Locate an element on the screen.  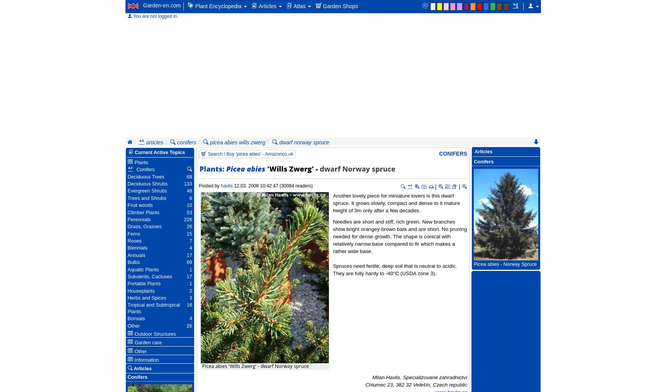
'10' is located at coordinates (189, 205).